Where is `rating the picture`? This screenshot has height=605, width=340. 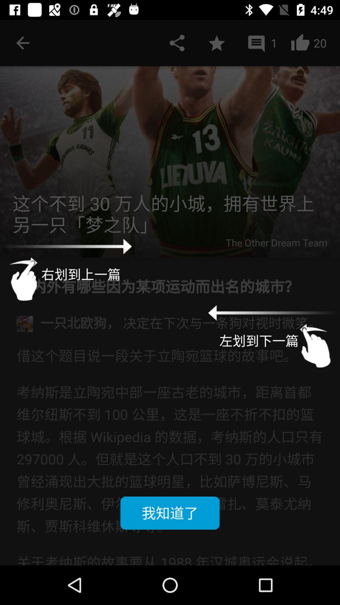
rating the picture is located at coordinates (216, 43).